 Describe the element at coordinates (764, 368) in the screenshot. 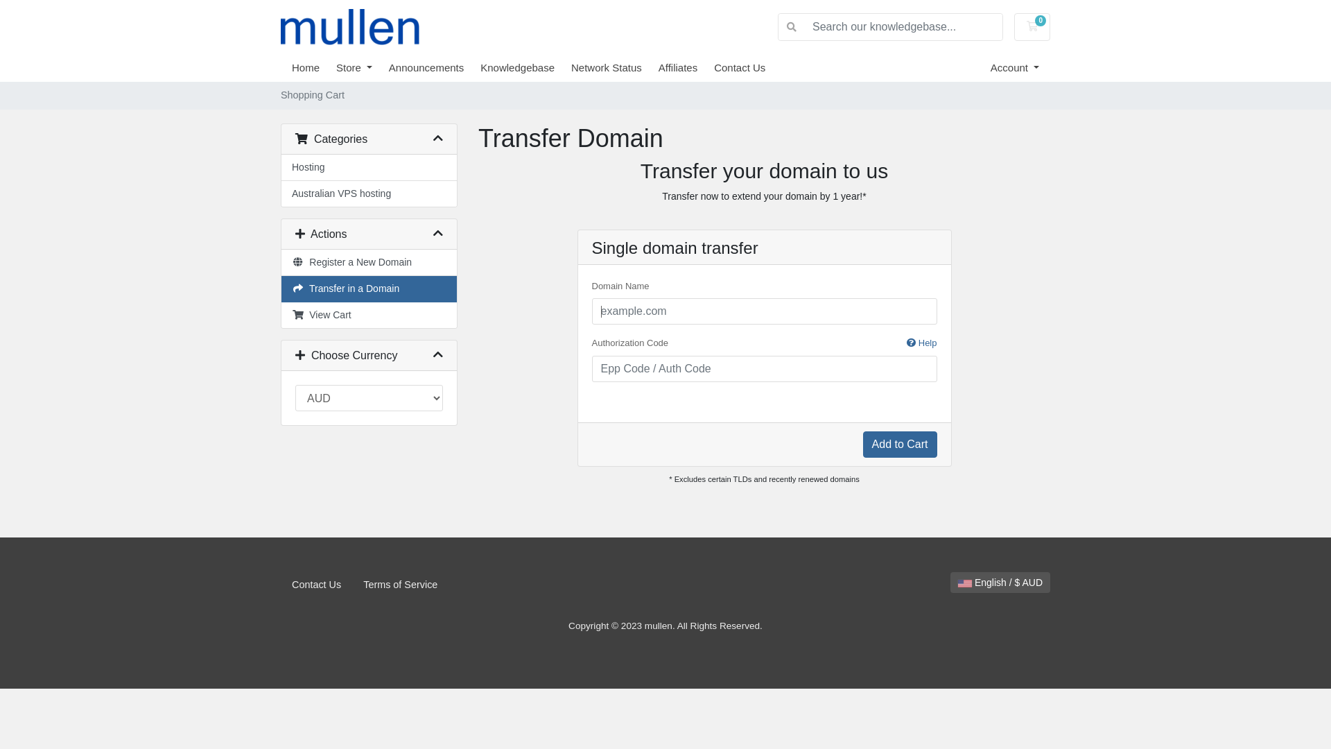

I see `'Required'` at that location.